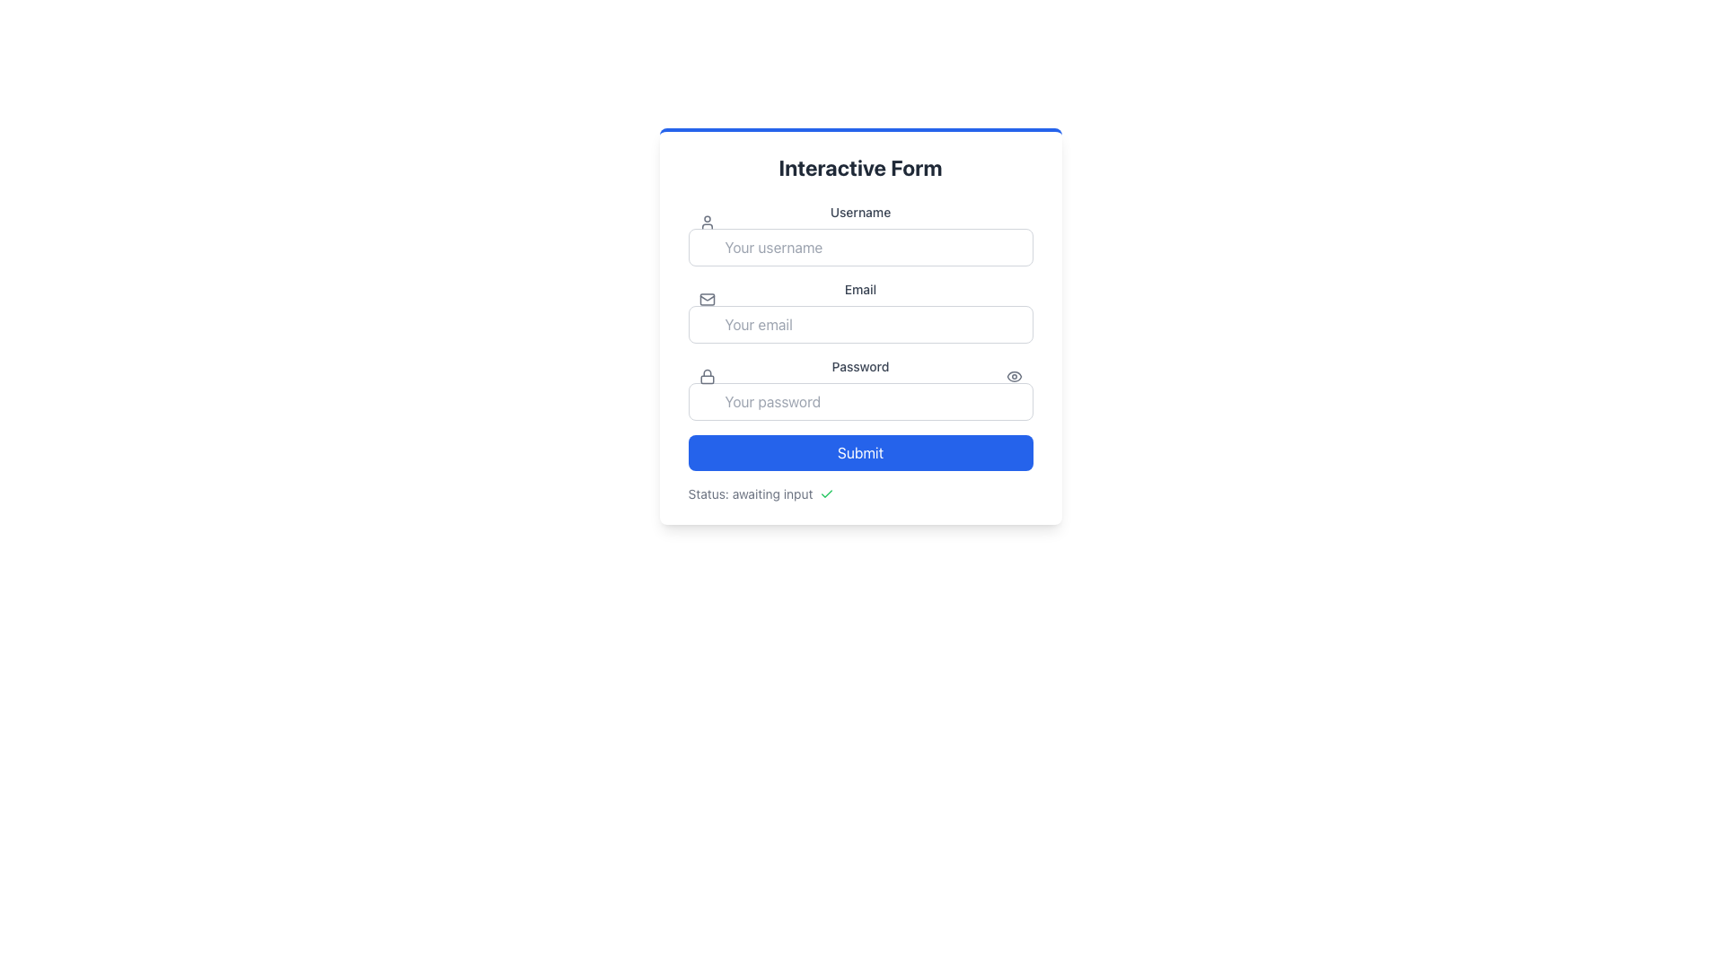 This screenshot has height=969, width=1724. I want to click on the 'Username' label, which is styled in dark gray on a light background and positioned above the input field for username entry, so click(859, 211).